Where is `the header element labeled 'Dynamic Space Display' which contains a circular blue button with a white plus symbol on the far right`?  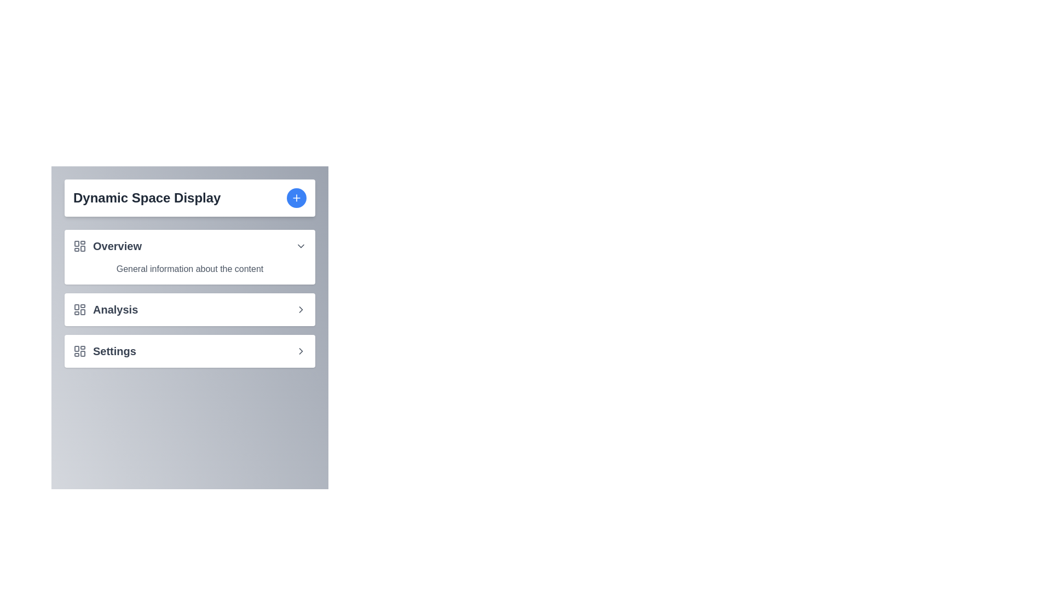
the header element labeled 'Dynamic Space Display' which contains a circular blue button with a white plus symbol on the far right is located at coordinates (189, 198).